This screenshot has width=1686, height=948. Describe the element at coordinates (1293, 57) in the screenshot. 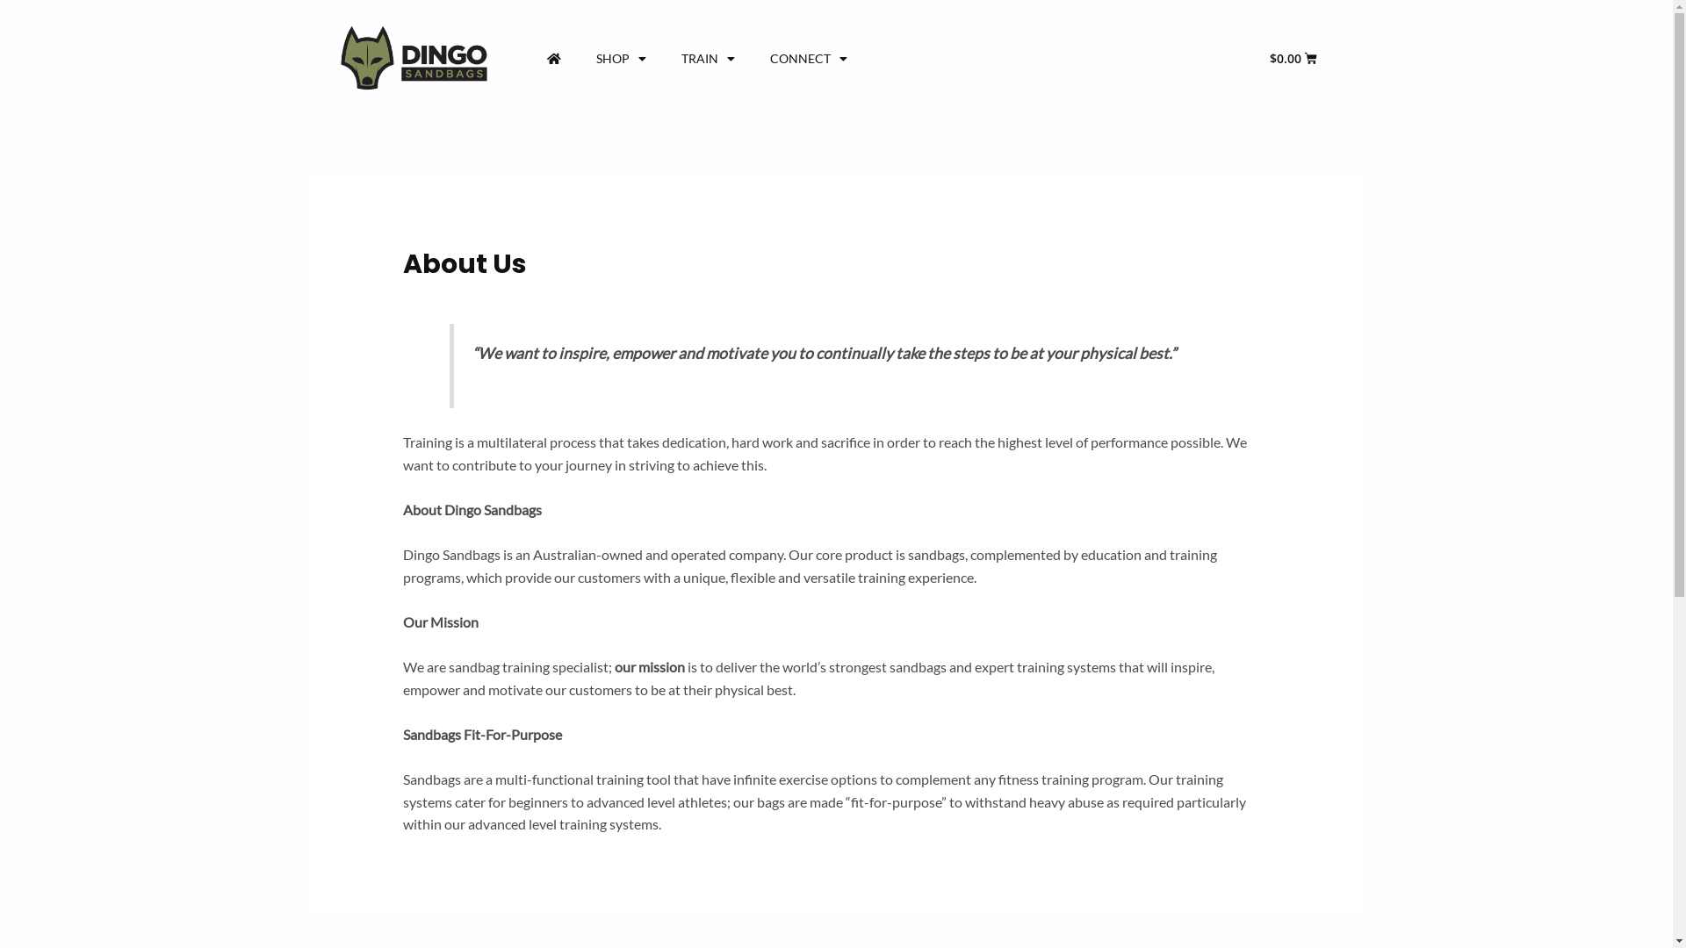

I see `'$0.00` at that location.